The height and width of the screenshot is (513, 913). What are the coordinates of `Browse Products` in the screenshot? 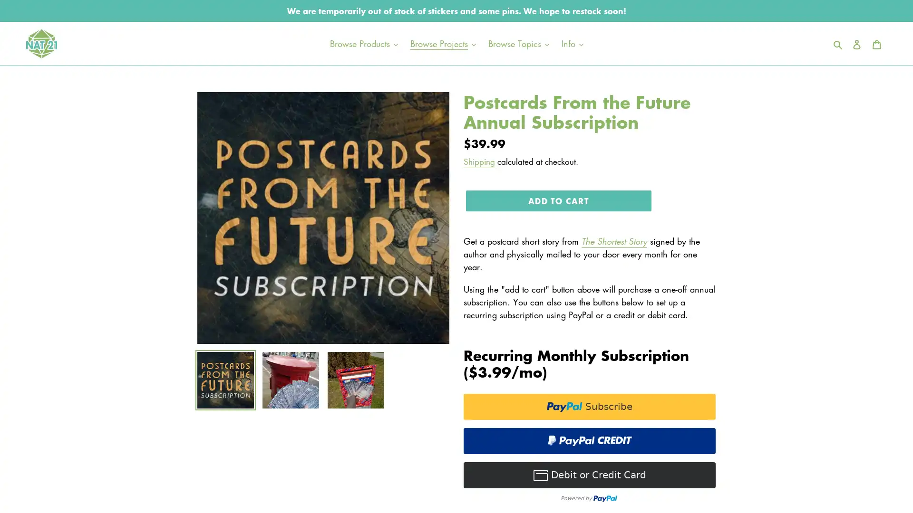 It's located at (363, 43).